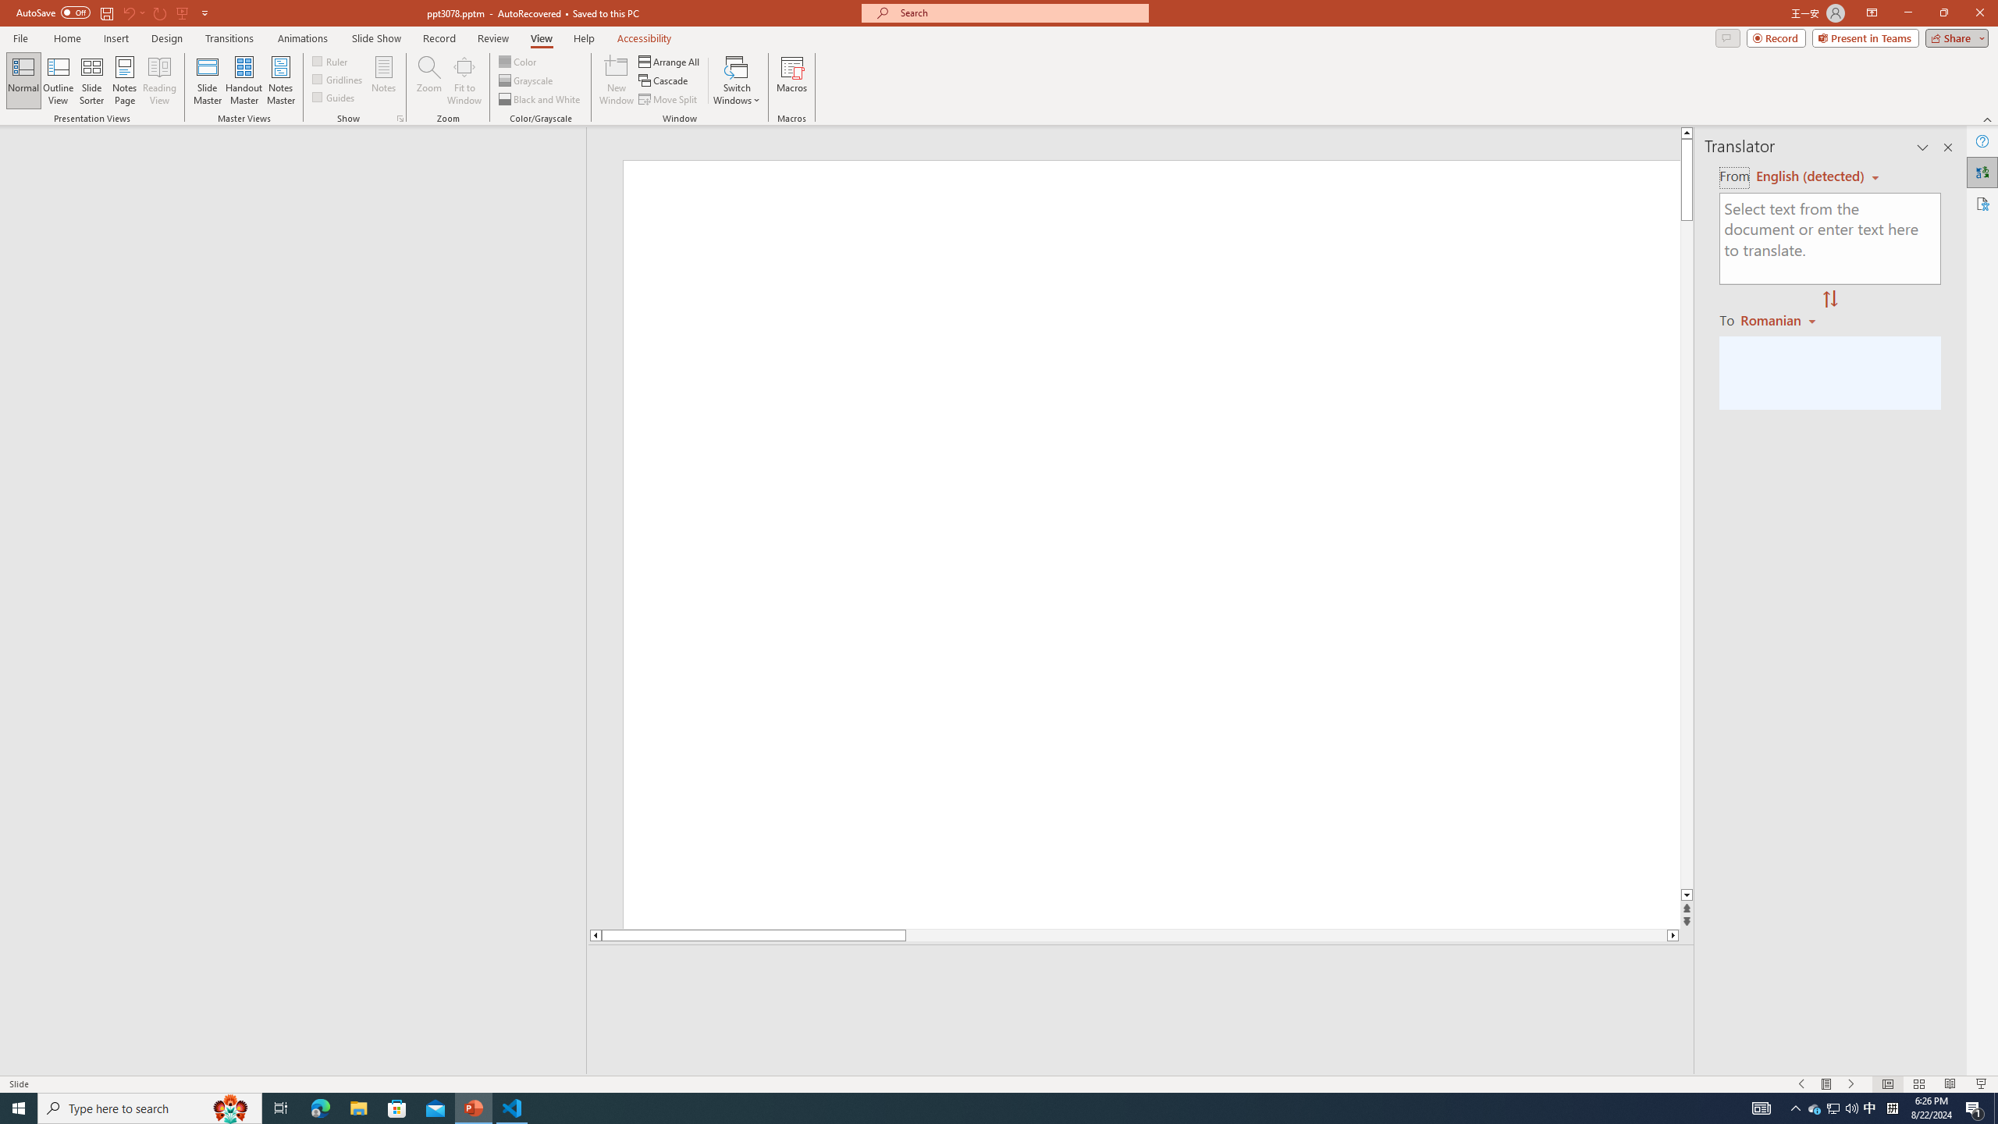  What do you see at coordinates (207, 80) in the screenshot?
I see `'Slide Master'` at bounding box center [207, 80].